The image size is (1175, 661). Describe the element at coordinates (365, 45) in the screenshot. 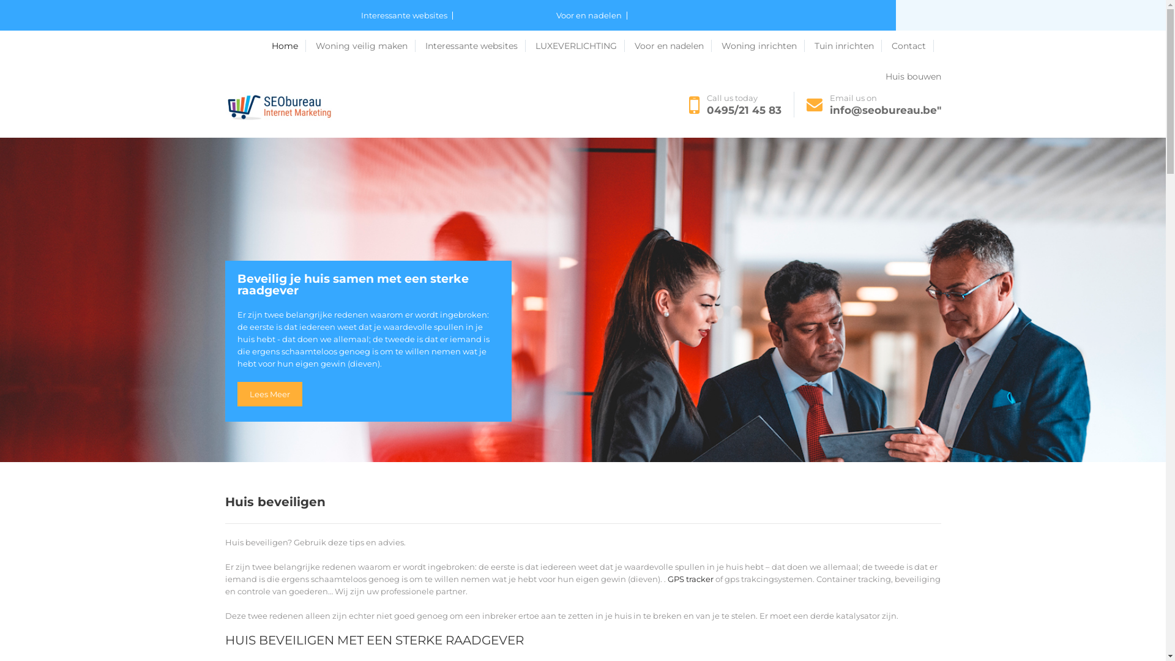

I see `'Woning veilig maken'` at that location.